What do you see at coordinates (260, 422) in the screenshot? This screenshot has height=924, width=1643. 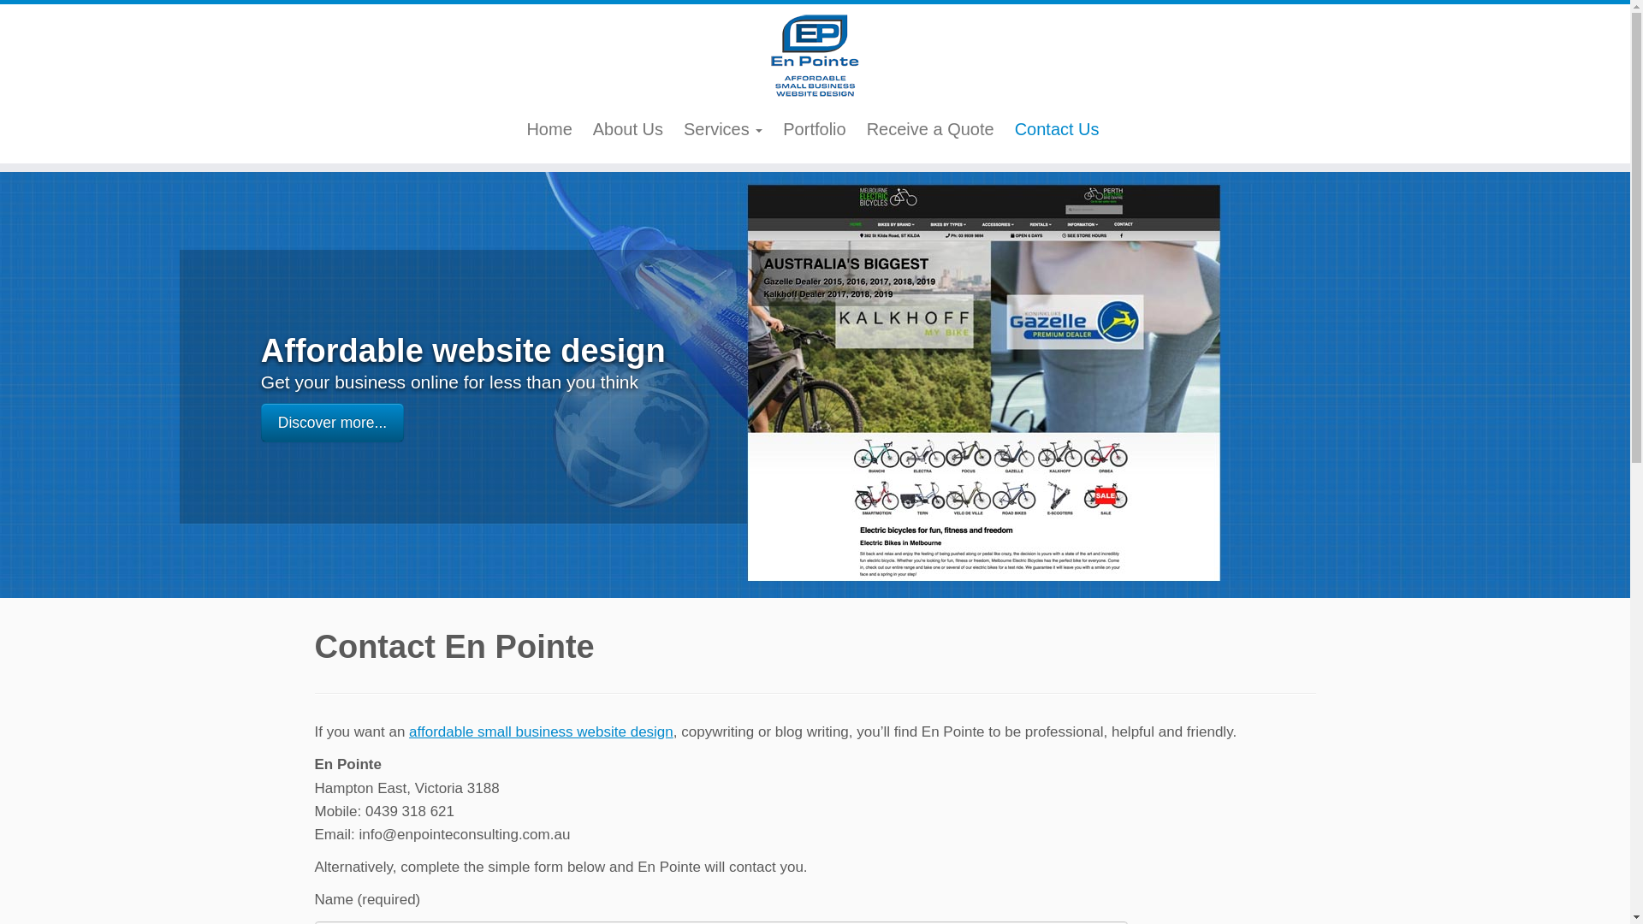 I see `'Discover more...'` at bounding box center [260, 422].